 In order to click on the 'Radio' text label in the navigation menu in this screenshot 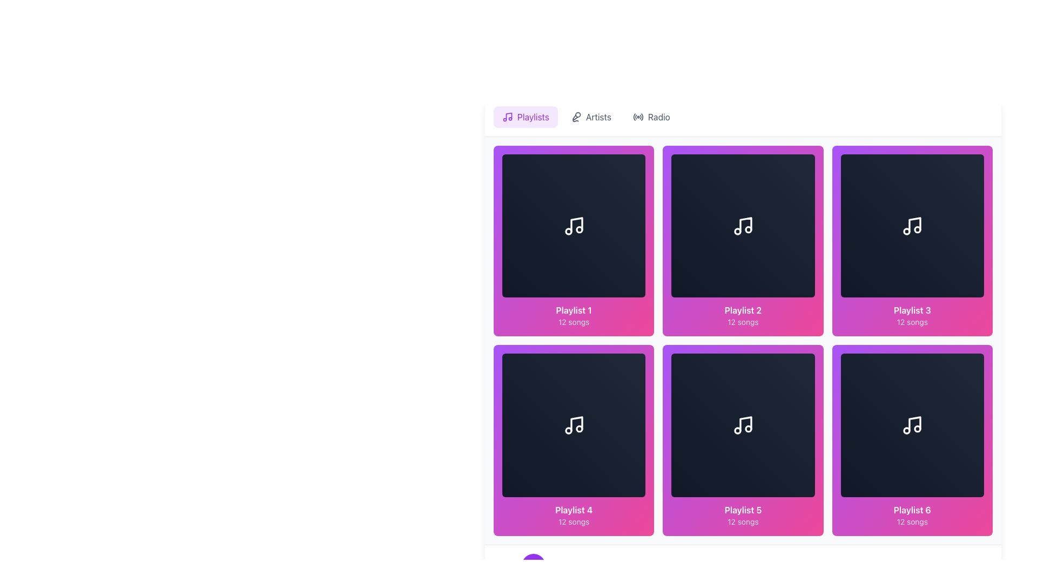, I will do `click(658, 117)`.